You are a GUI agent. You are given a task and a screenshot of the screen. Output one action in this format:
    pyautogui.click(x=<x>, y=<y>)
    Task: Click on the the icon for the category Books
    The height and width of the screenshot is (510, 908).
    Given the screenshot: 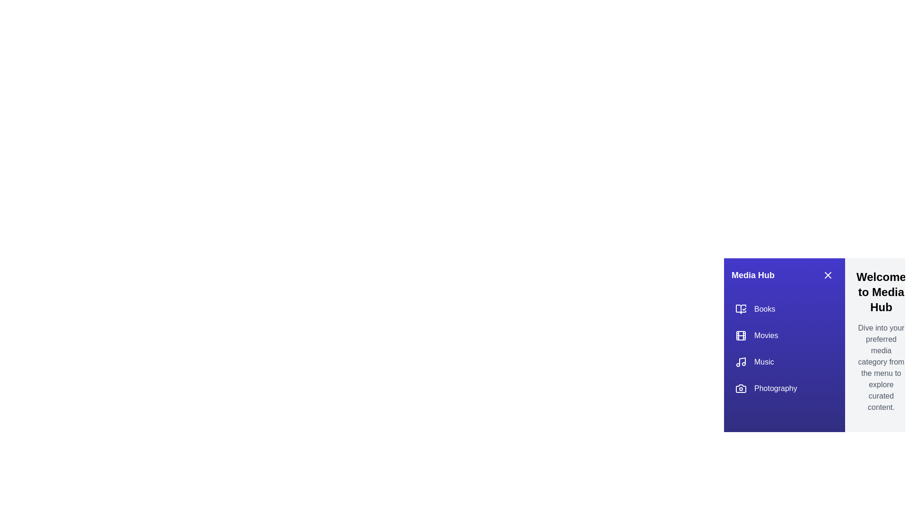 What is the action you would take?
    pyautogui.click(x=740, y=309)
    